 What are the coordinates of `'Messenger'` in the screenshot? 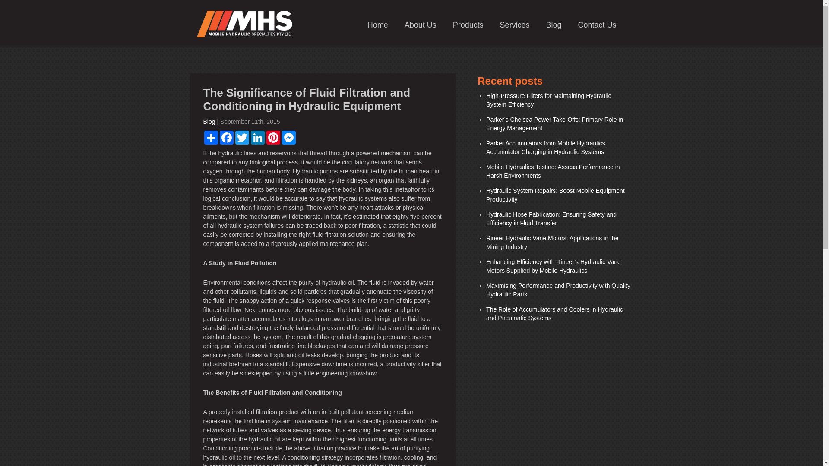 It's located at (288, 137).